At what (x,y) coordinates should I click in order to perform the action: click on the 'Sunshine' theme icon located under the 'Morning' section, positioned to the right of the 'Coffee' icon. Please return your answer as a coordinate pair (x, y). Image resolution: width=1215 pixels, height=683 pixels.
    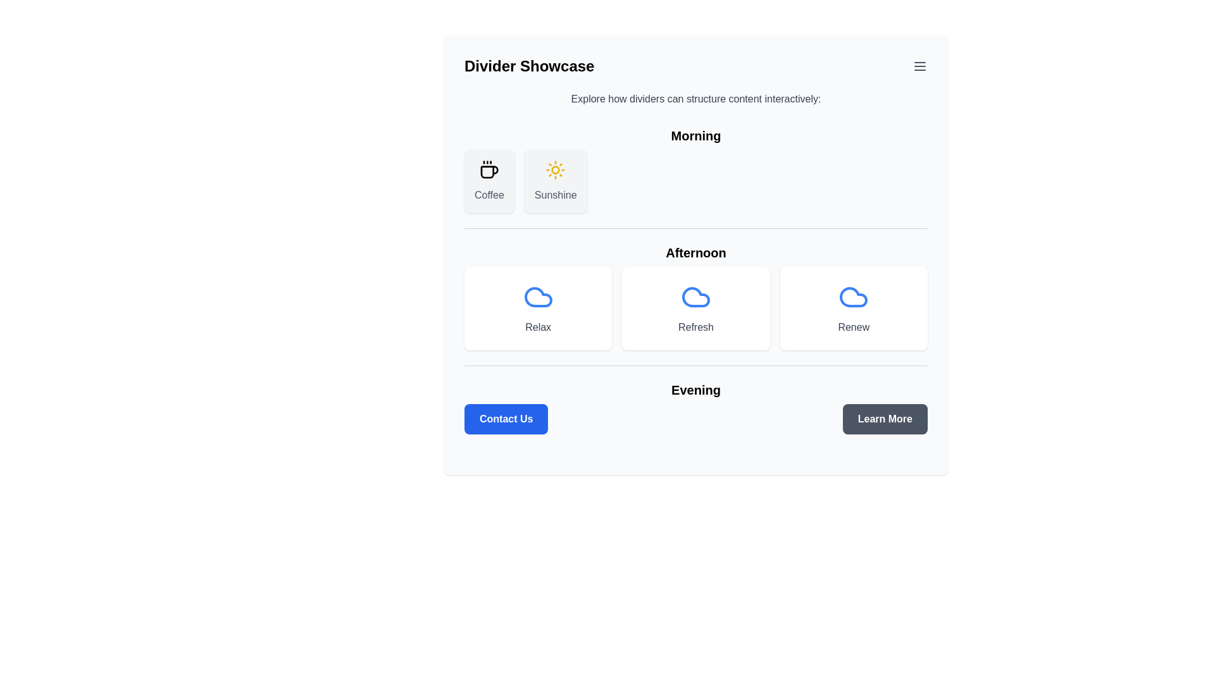
    Looking at the image, I should click on (556, 169).